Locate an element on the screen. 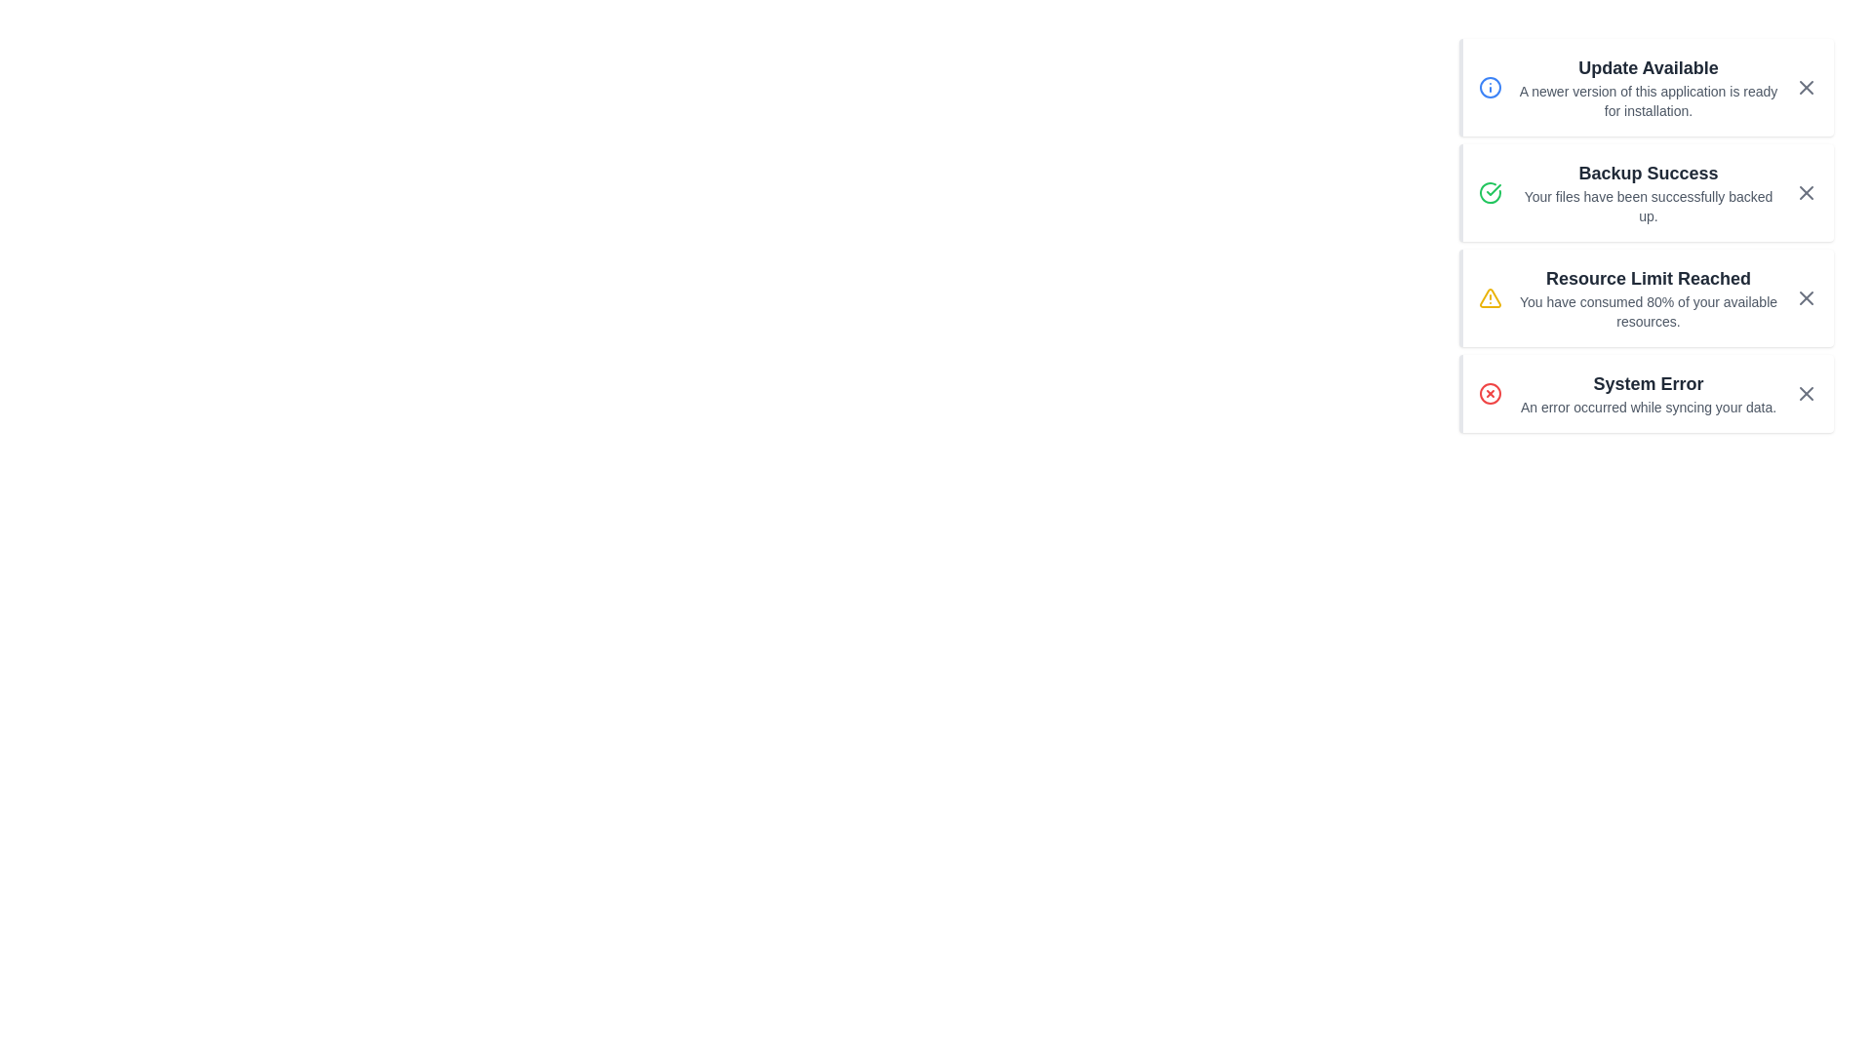  the thin black cross icon in the notification box is located at coordinates (1806, 192).